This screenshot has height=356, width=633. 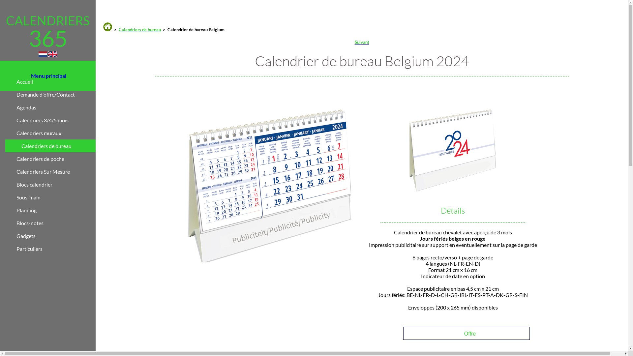 I want to click on 'Accueil', so click(x=56, y=81).